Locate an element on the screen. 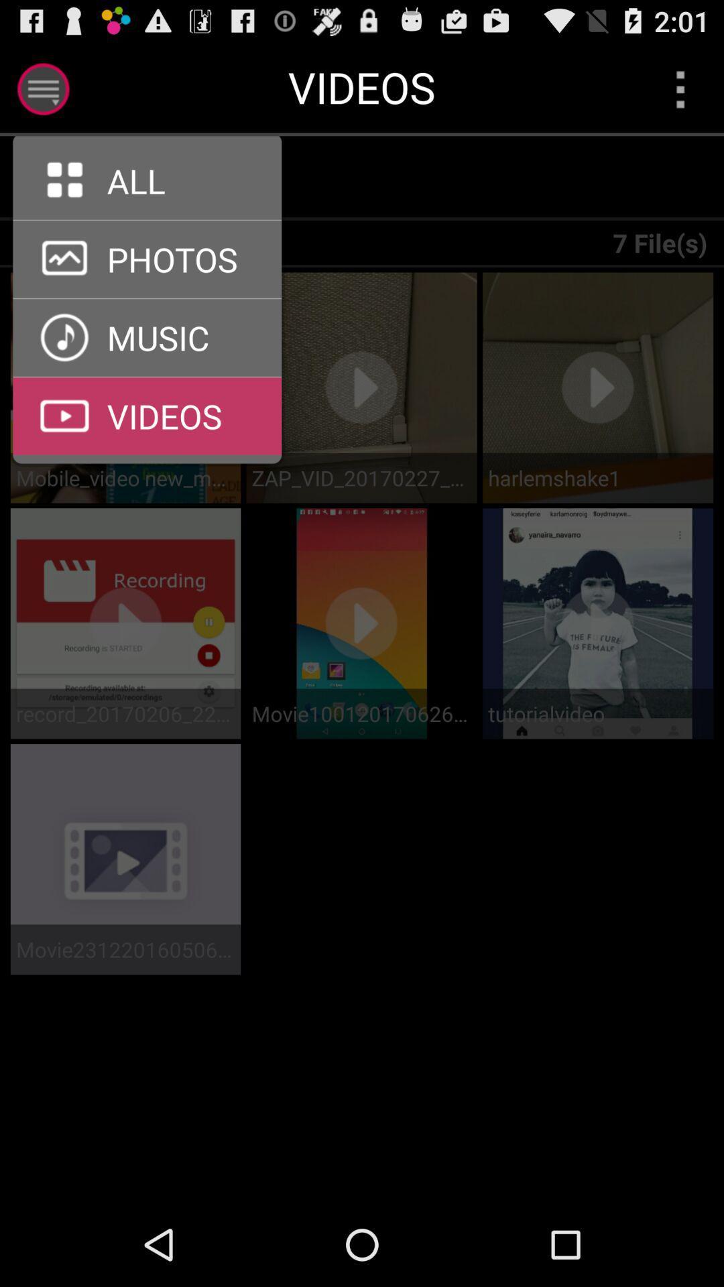 Image resolution: width=724 pixels, height=1287 pixels. the icon above all devices is located at coordinates (57, 178).